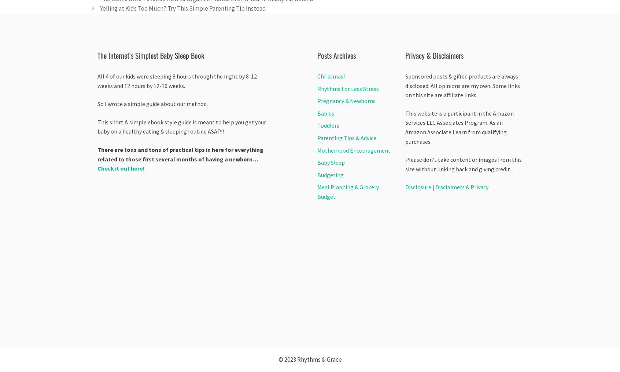  I want to click on 'Christmas!', so click(331, 76).